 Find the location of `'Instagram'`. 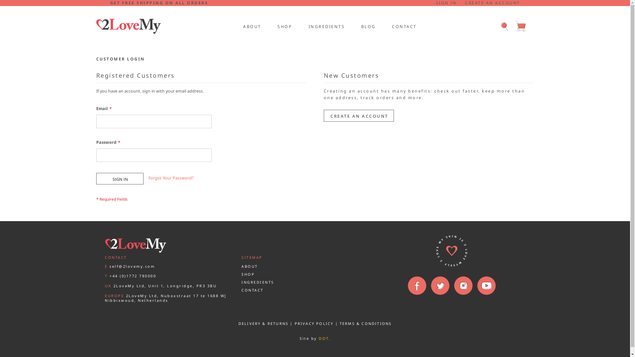

'Instagram' is located at coordinates (453, 285).